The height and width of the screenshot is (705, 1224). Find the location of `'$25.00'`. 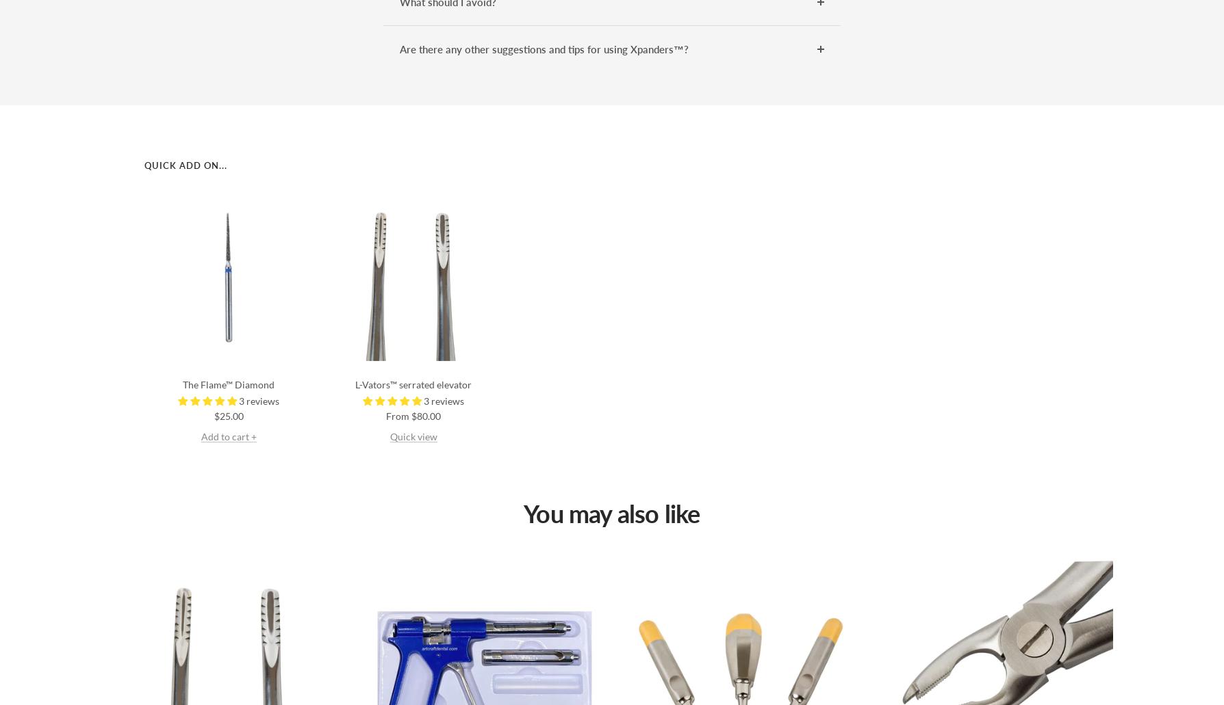

'$25.00' is located at coordinates (227, 414).